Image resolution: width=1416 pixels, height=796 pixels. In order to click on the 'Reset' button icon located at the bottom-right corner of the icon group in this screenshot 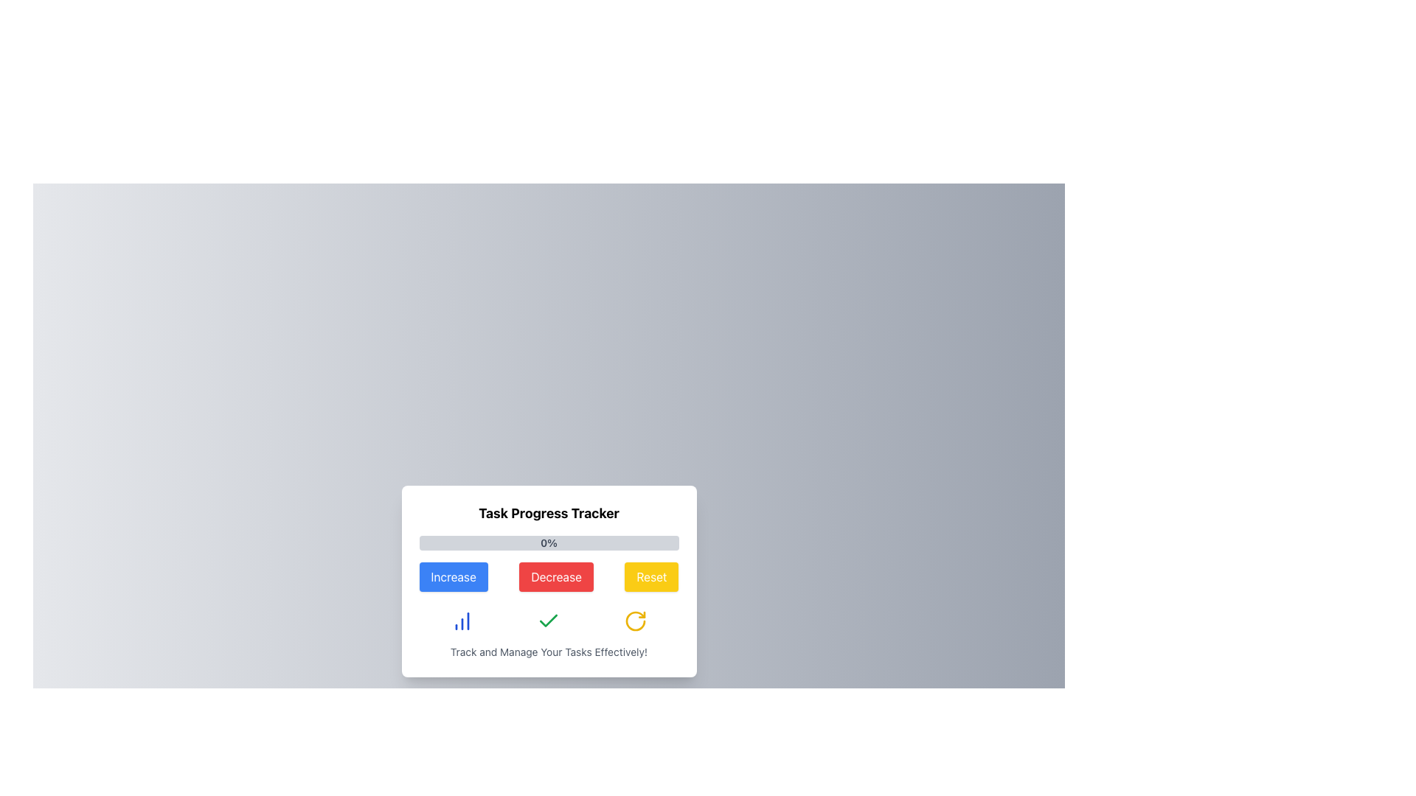, I will do `click(635, 621)`.